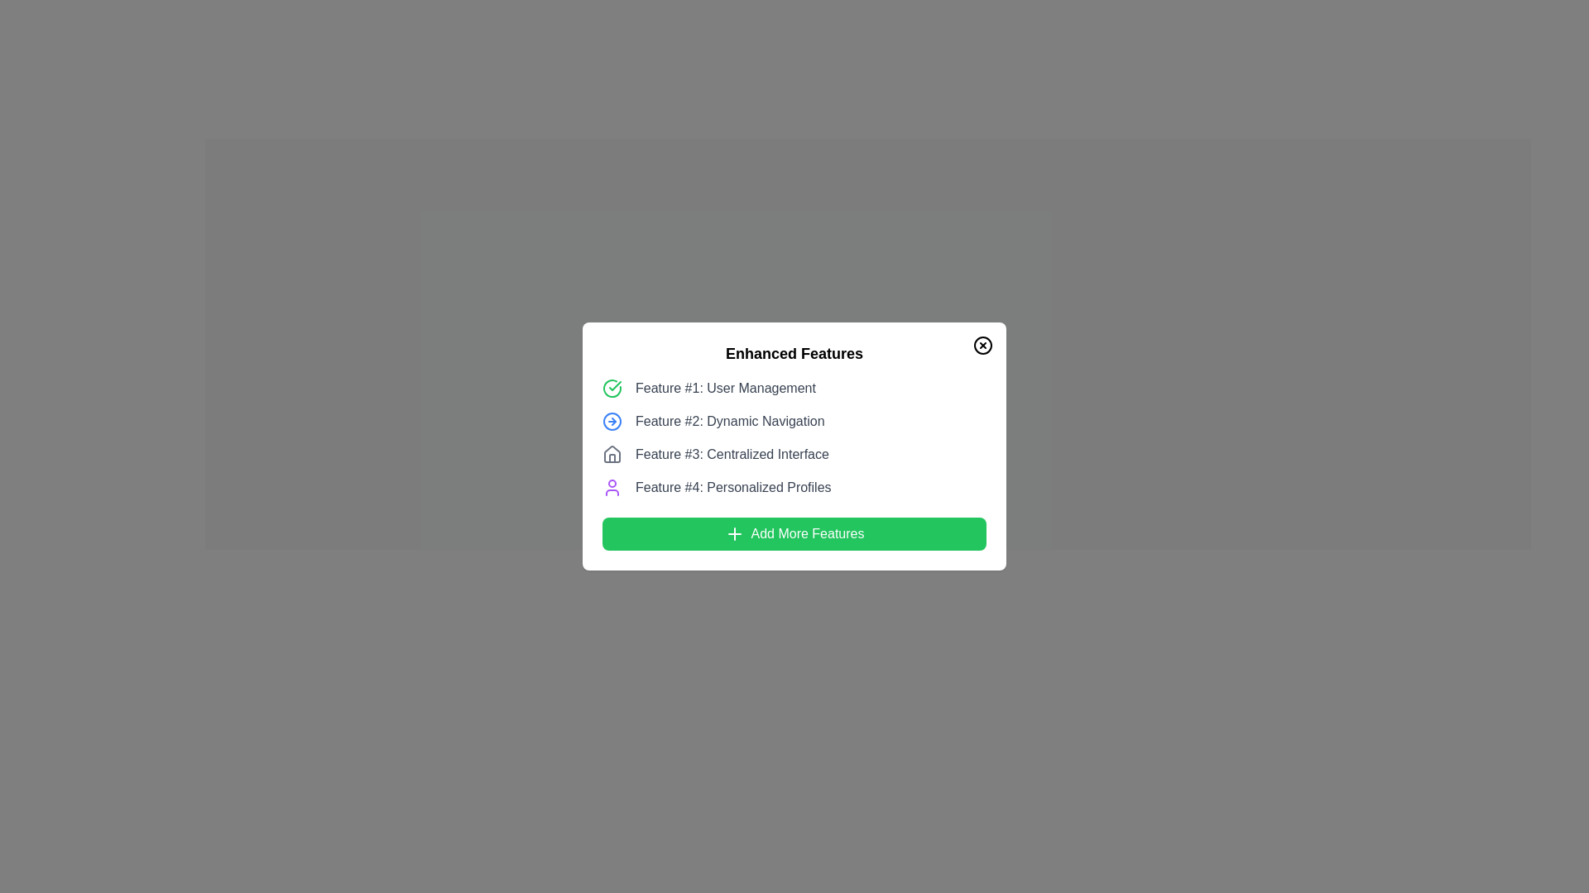  What do you see at coordinates (611, 420) in the screenshot?
I see `the SVG circle component of the icon representing 'Feature #2: Dynamic Navigation', which is adjacent to the text` at bounding box center [611, 420].